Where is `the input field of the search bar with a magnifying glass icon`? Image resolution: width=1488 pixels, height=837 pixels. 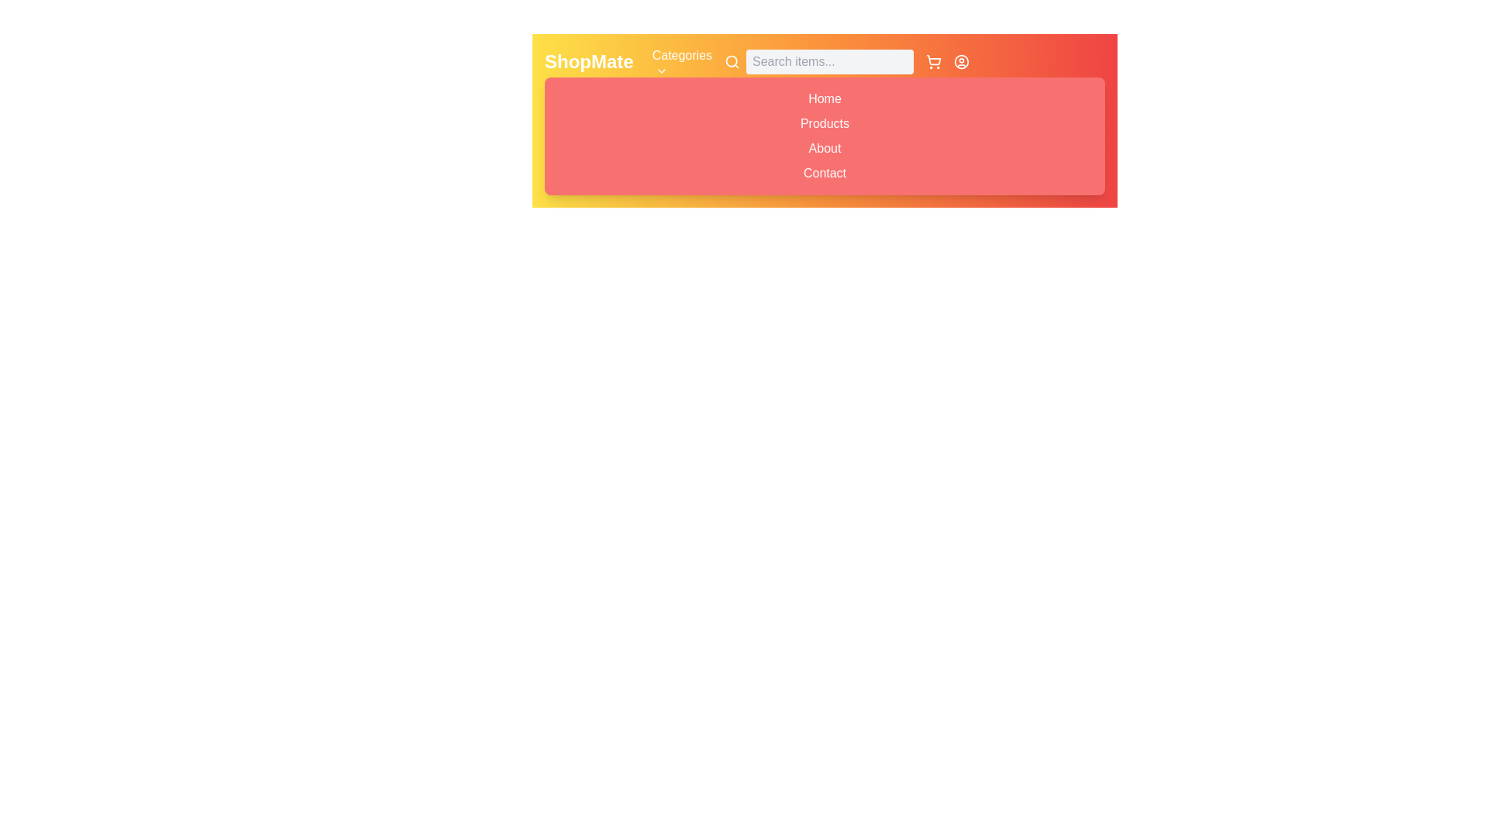
the input field of the search bar with a magnifying glass icon is located at coordinates (818, 61).